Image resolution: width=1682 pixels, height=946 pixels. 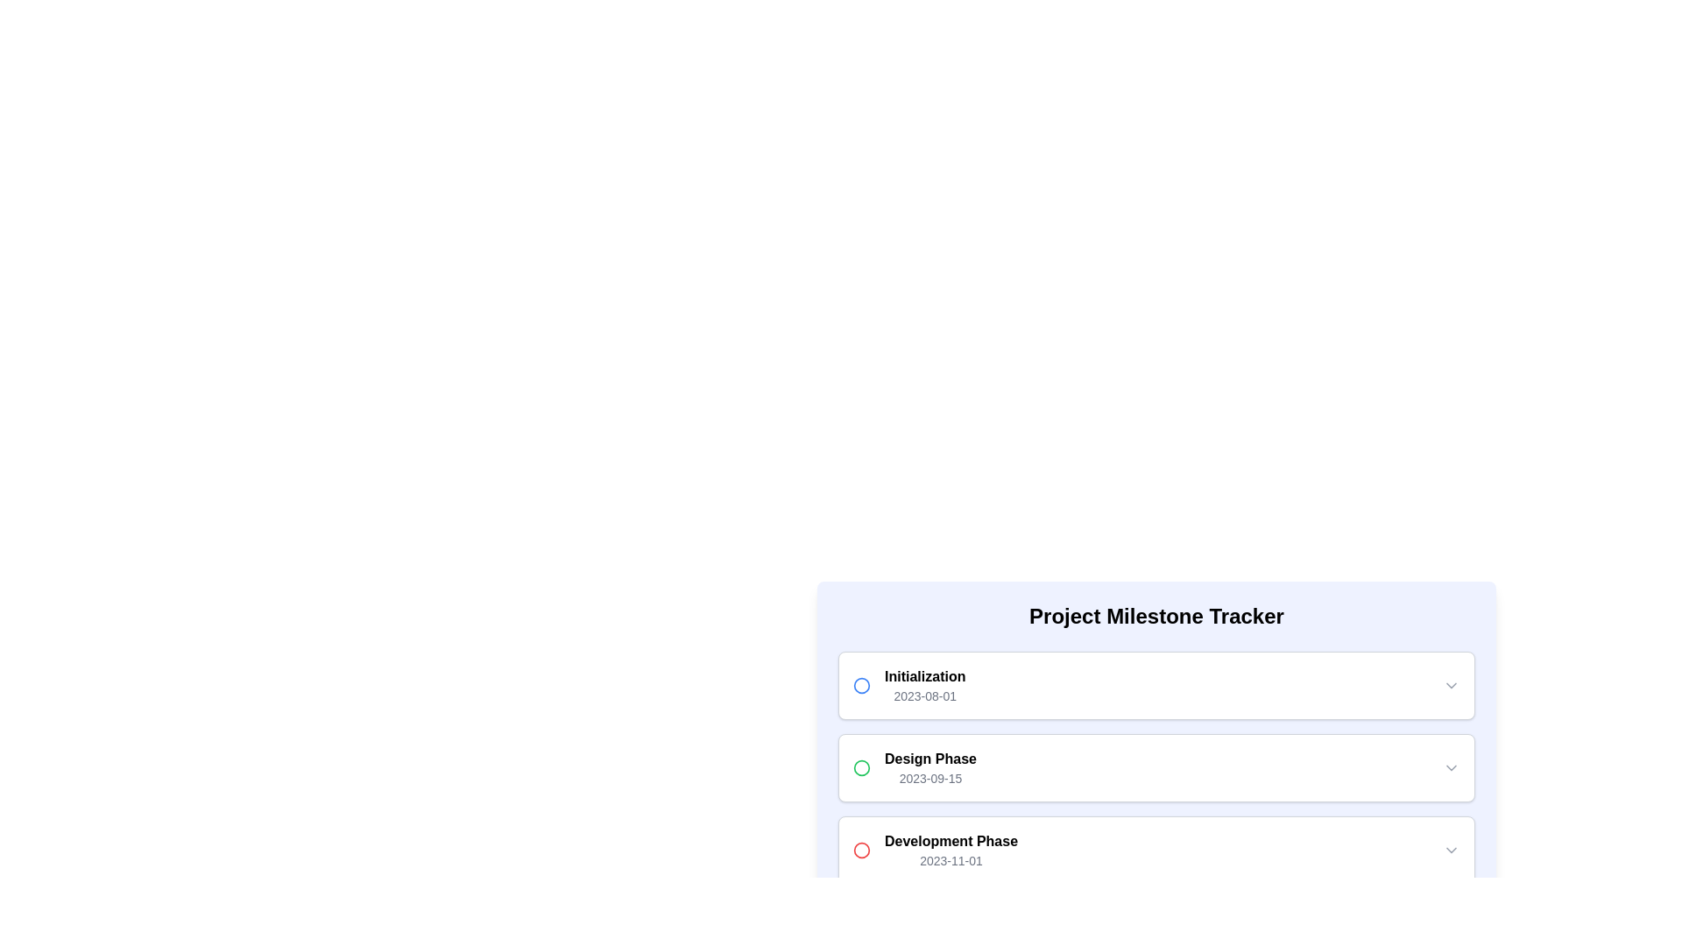 What do you see at coordinates (950, 860) in the screenshot?
I see `the text label displaying the date '2023-11-01' which is located beneath the 'Development Phase' title in the milestone tracker` at bounding box center [950, 860].